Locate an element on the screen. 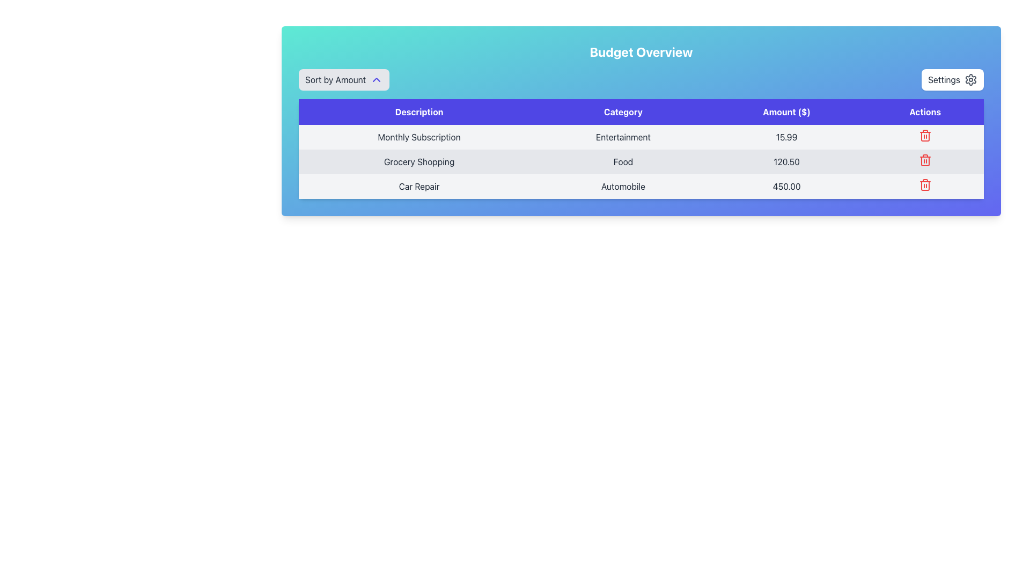 The image size is (1030, 579). the delete button for the 'Car Repair' entry, which is the last icon in the 'Actions' column of the last table row is located at coordinates (924, 184).